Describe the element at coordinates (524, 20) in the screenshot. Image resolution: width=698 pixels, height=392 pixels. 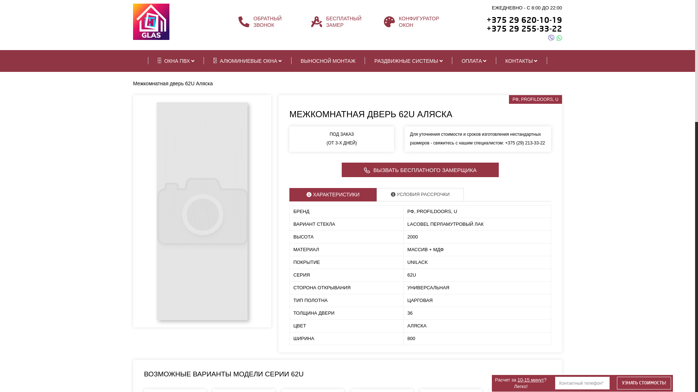
I see `'+375 29 620-10-19'` at that location.